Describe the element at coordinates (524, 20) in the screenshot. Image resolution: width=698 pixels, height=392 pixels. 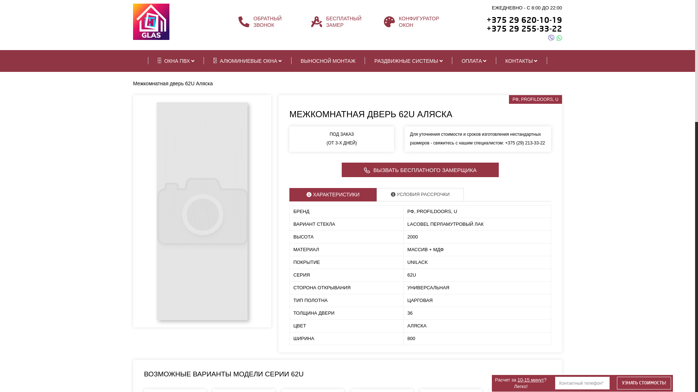
I see `'+375 29 620-10-19'` at that location.